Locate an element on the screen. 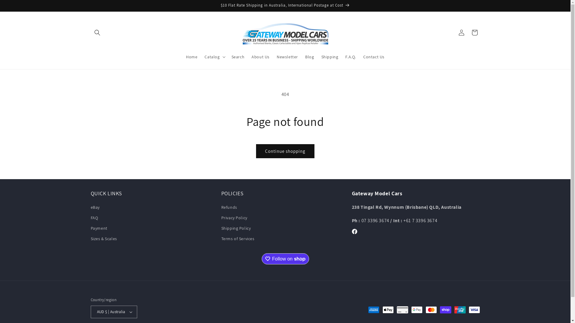  'Blog' is located at coordinates (309, 57).